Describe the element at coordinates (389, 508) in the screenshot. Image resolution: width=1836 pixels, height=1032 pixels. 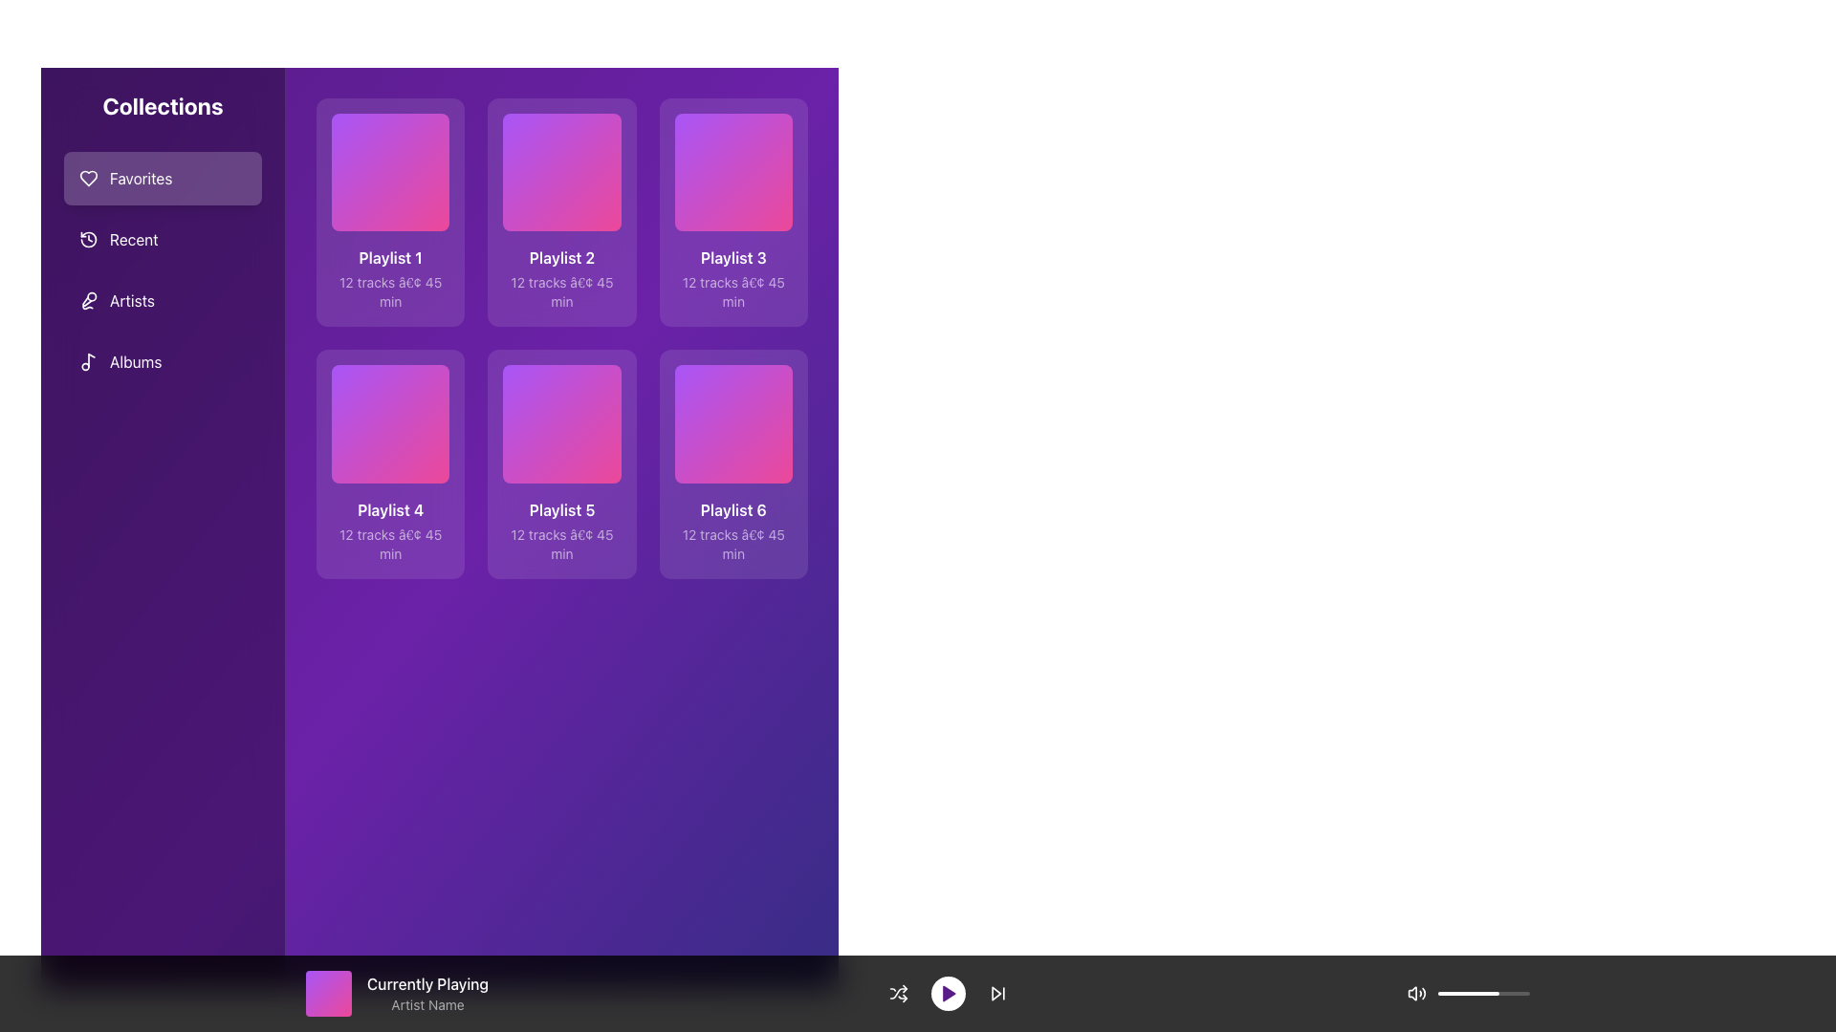
I see `the title text label of the playlist located in the second row, first column under the 'Collections' section, which helps users identify the playlist by name` at that location.